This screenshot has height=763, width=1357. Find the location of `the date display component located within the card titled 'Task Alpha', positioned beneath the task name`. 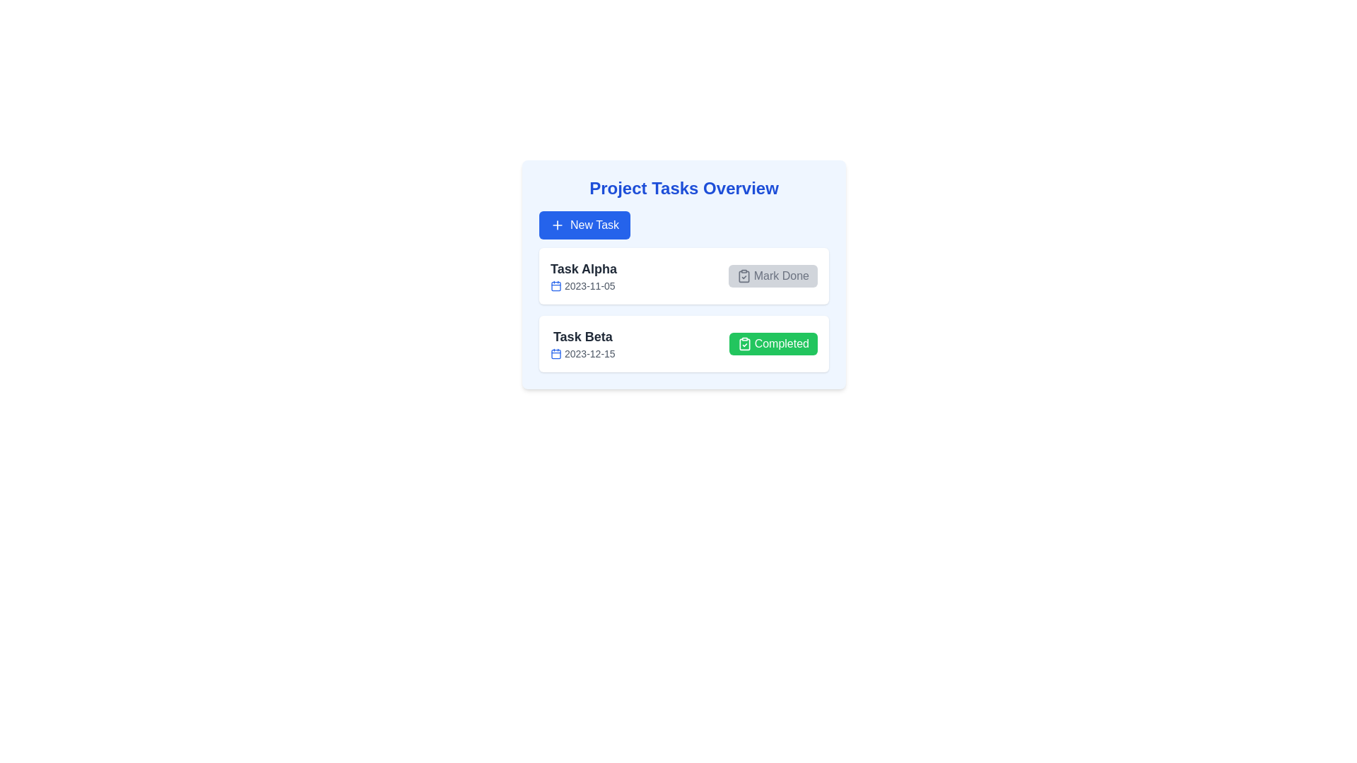

the date display component located within the card titled 'Task Alpha', positioned beneath the task name is located at coordinates (583, 286).